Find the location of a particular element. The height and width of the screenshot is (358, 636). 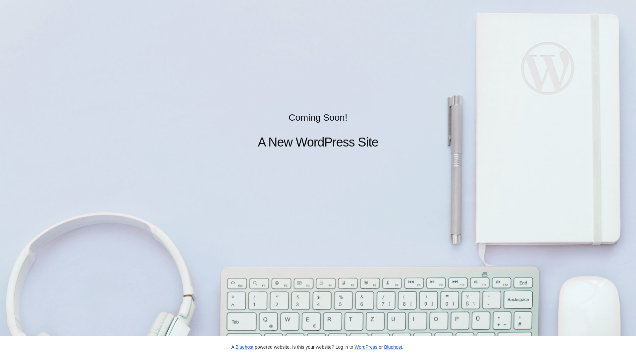

'Bluehost' is located at coordinates (393, 346).